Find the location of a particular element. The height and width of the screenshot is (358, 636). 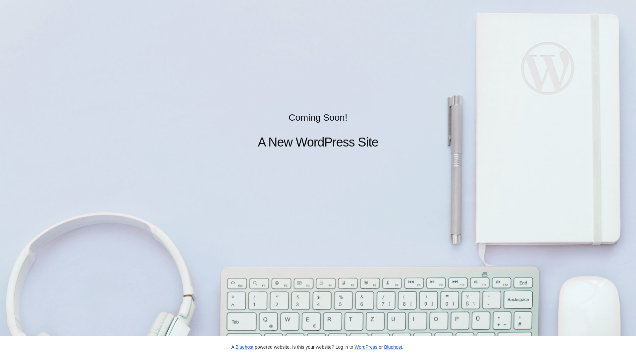

'Bluehost' is located at coordinates (393, 346).